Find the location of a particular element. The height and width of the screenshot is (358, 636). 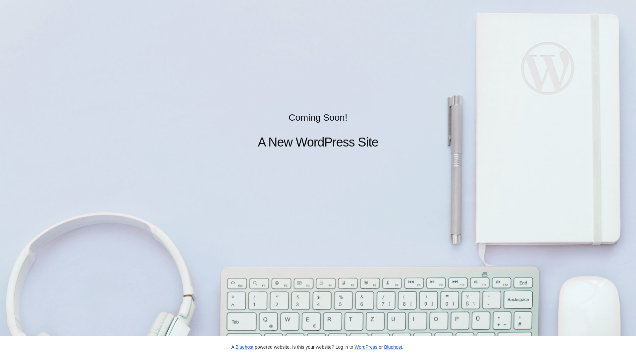

'Bluehost' is located at coordinates (393, 346).